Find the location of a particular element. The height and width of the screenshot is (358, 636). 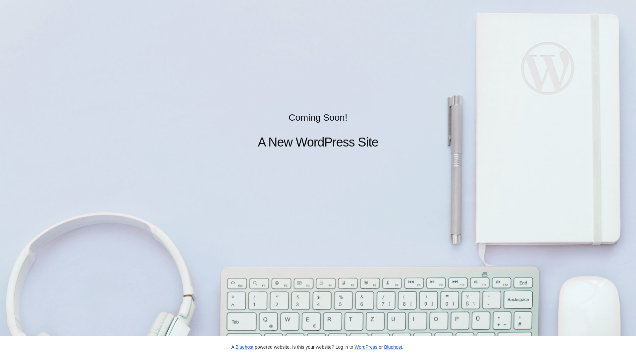

'Bluehost' is located at coordinates (393, 346).